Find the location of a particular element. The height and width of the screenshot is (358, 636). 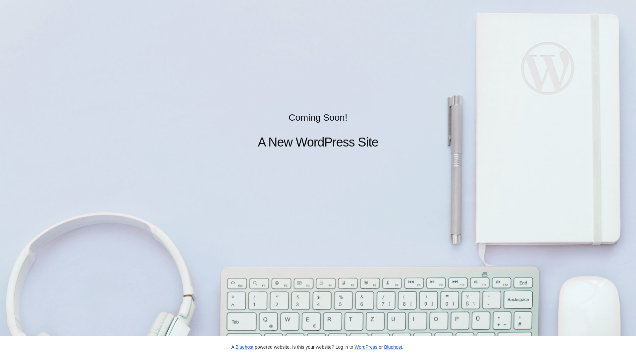

'Bluehost' is located at coordinates (393, 346).